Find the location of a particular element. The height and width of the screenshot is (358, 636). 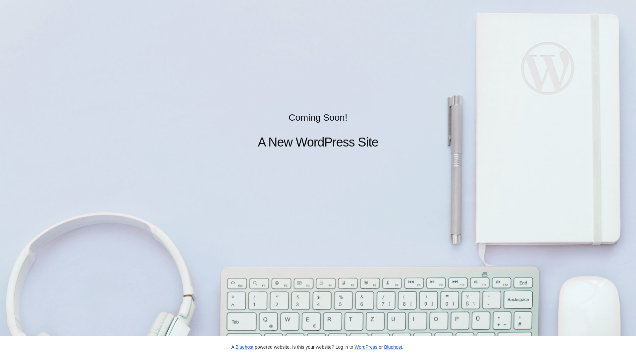

'Bluehost' is located at coordinates (393, 346).